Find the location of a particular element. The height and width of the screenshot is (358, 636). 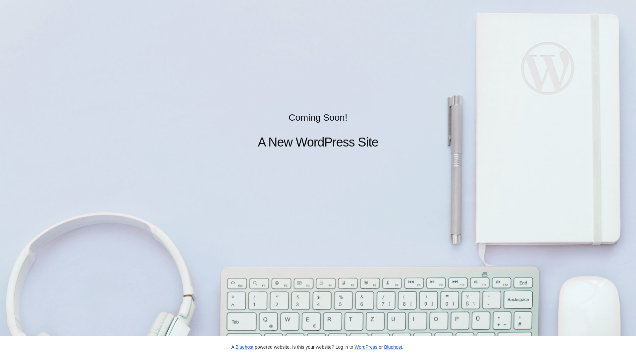

'Bluehost' is located at coordinates (393, 346).